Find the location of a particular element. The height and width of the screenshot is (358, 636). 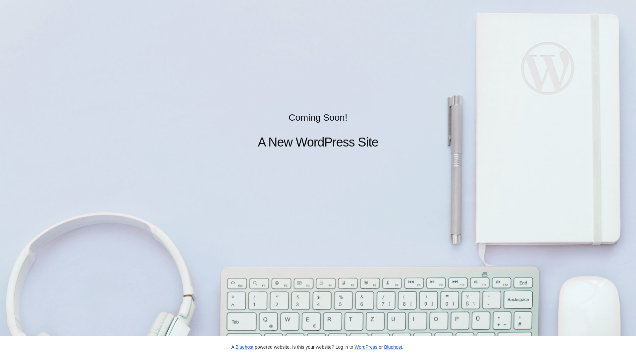

'Bluehost' is located at coordinates (393, 346).